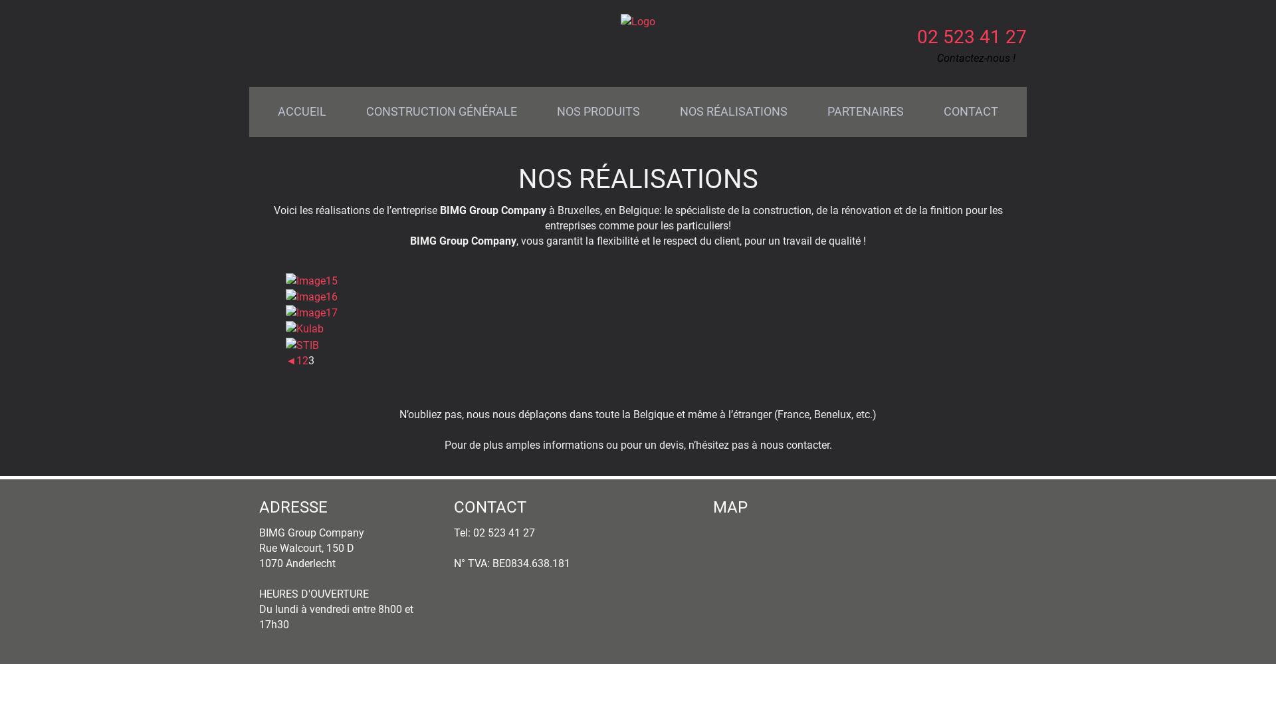 The height and width of the screenshot is (718, 1276). Describe the element at coordinates (304, 360) in the screenshot. I see `'2'` at that location.